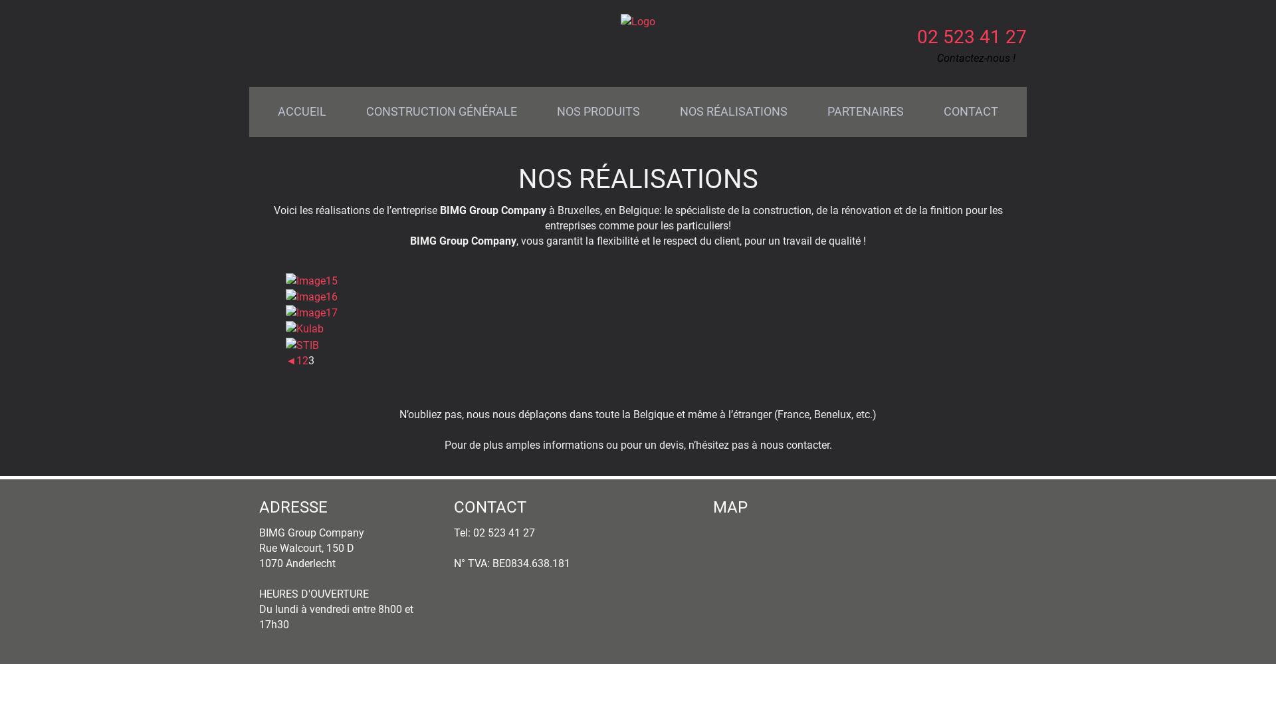 The height and width of the screenshot is (718, 1276). Describe the element at coordinates (304, 360) in the screenshot. I see `'2'` at that location.